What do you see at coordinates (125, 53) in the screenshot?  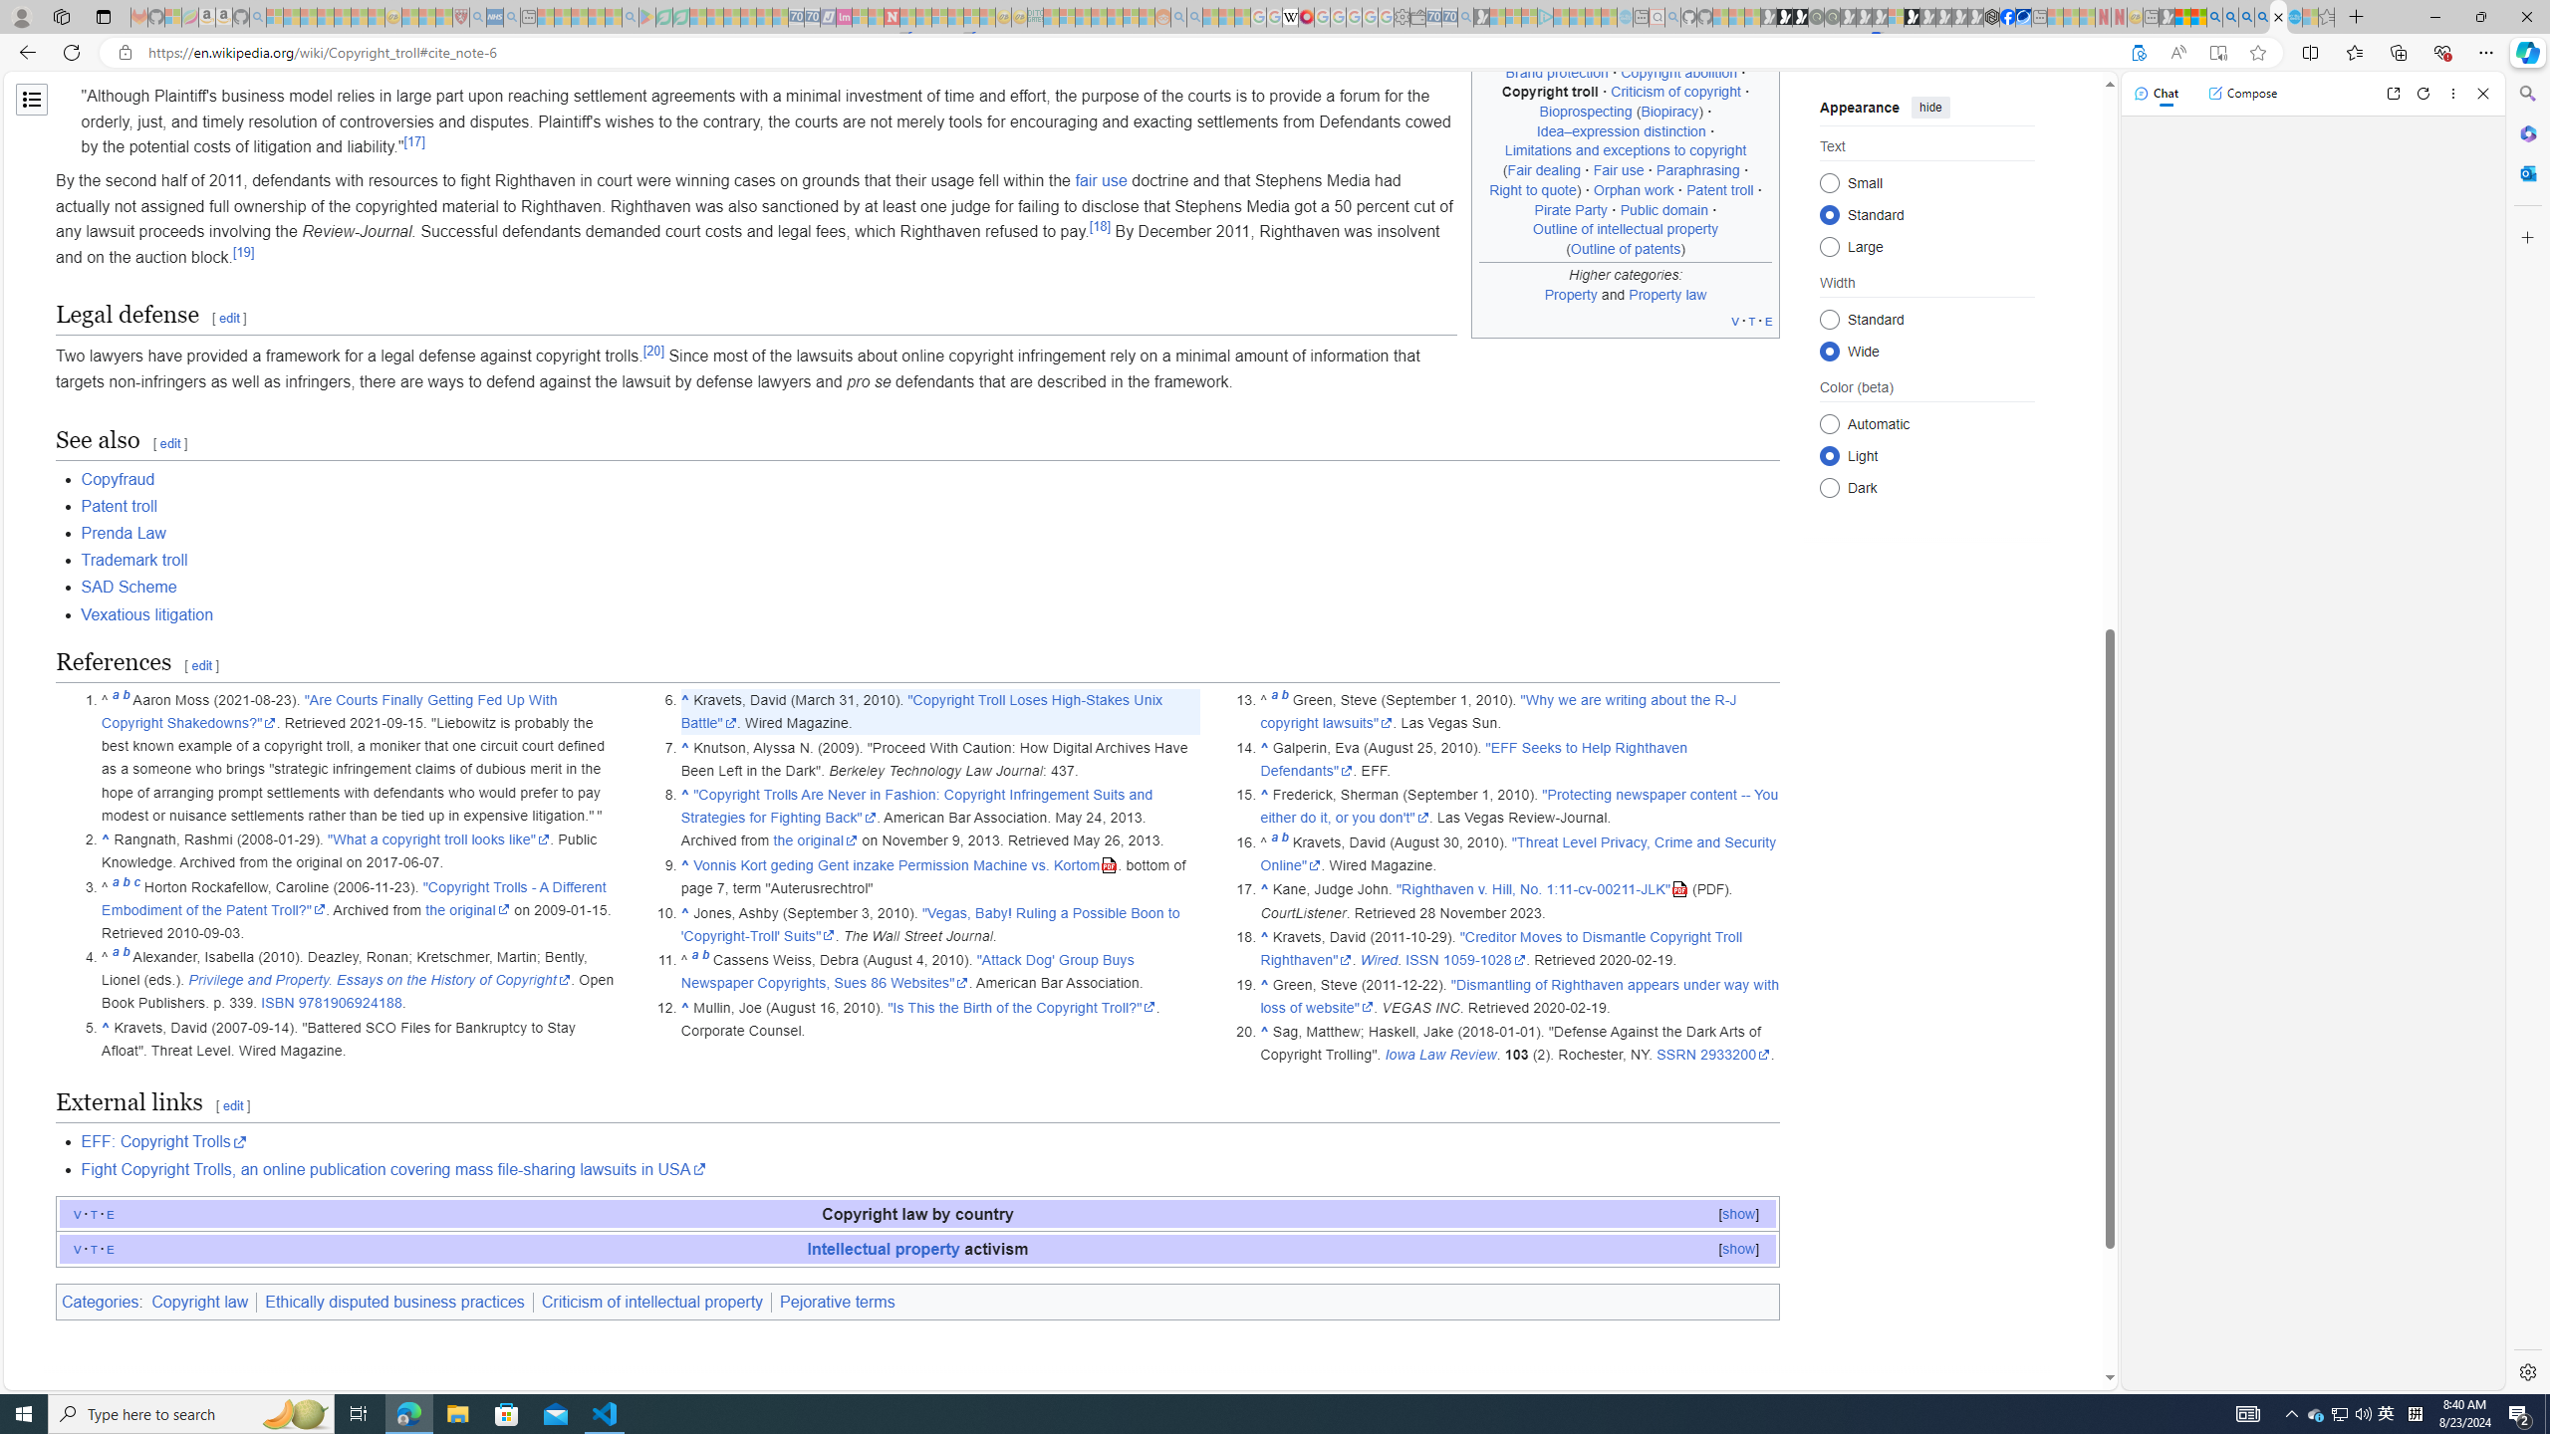 I see `'View site information'` at bounding box center [125, 53].